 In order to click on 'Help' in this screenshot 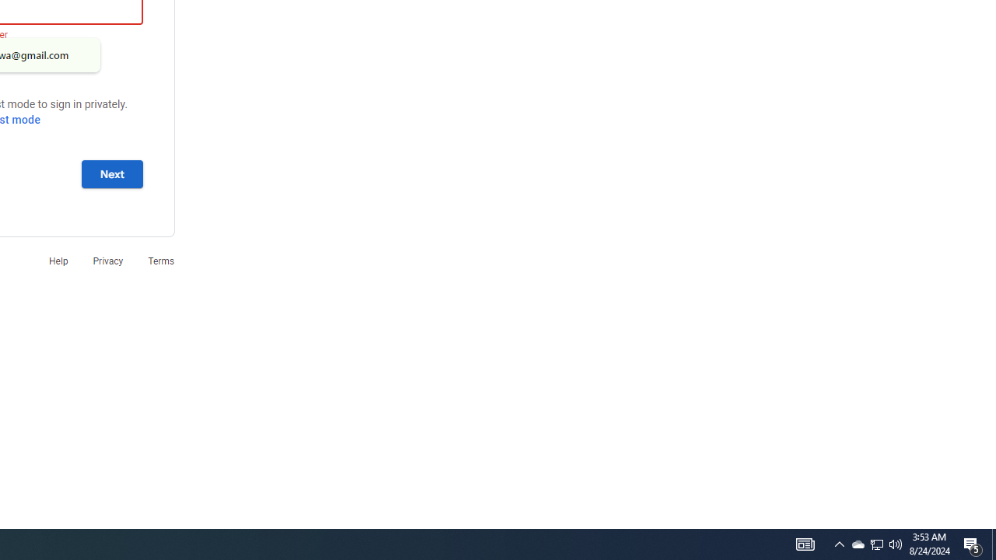, I will do `click(58, 260)`.